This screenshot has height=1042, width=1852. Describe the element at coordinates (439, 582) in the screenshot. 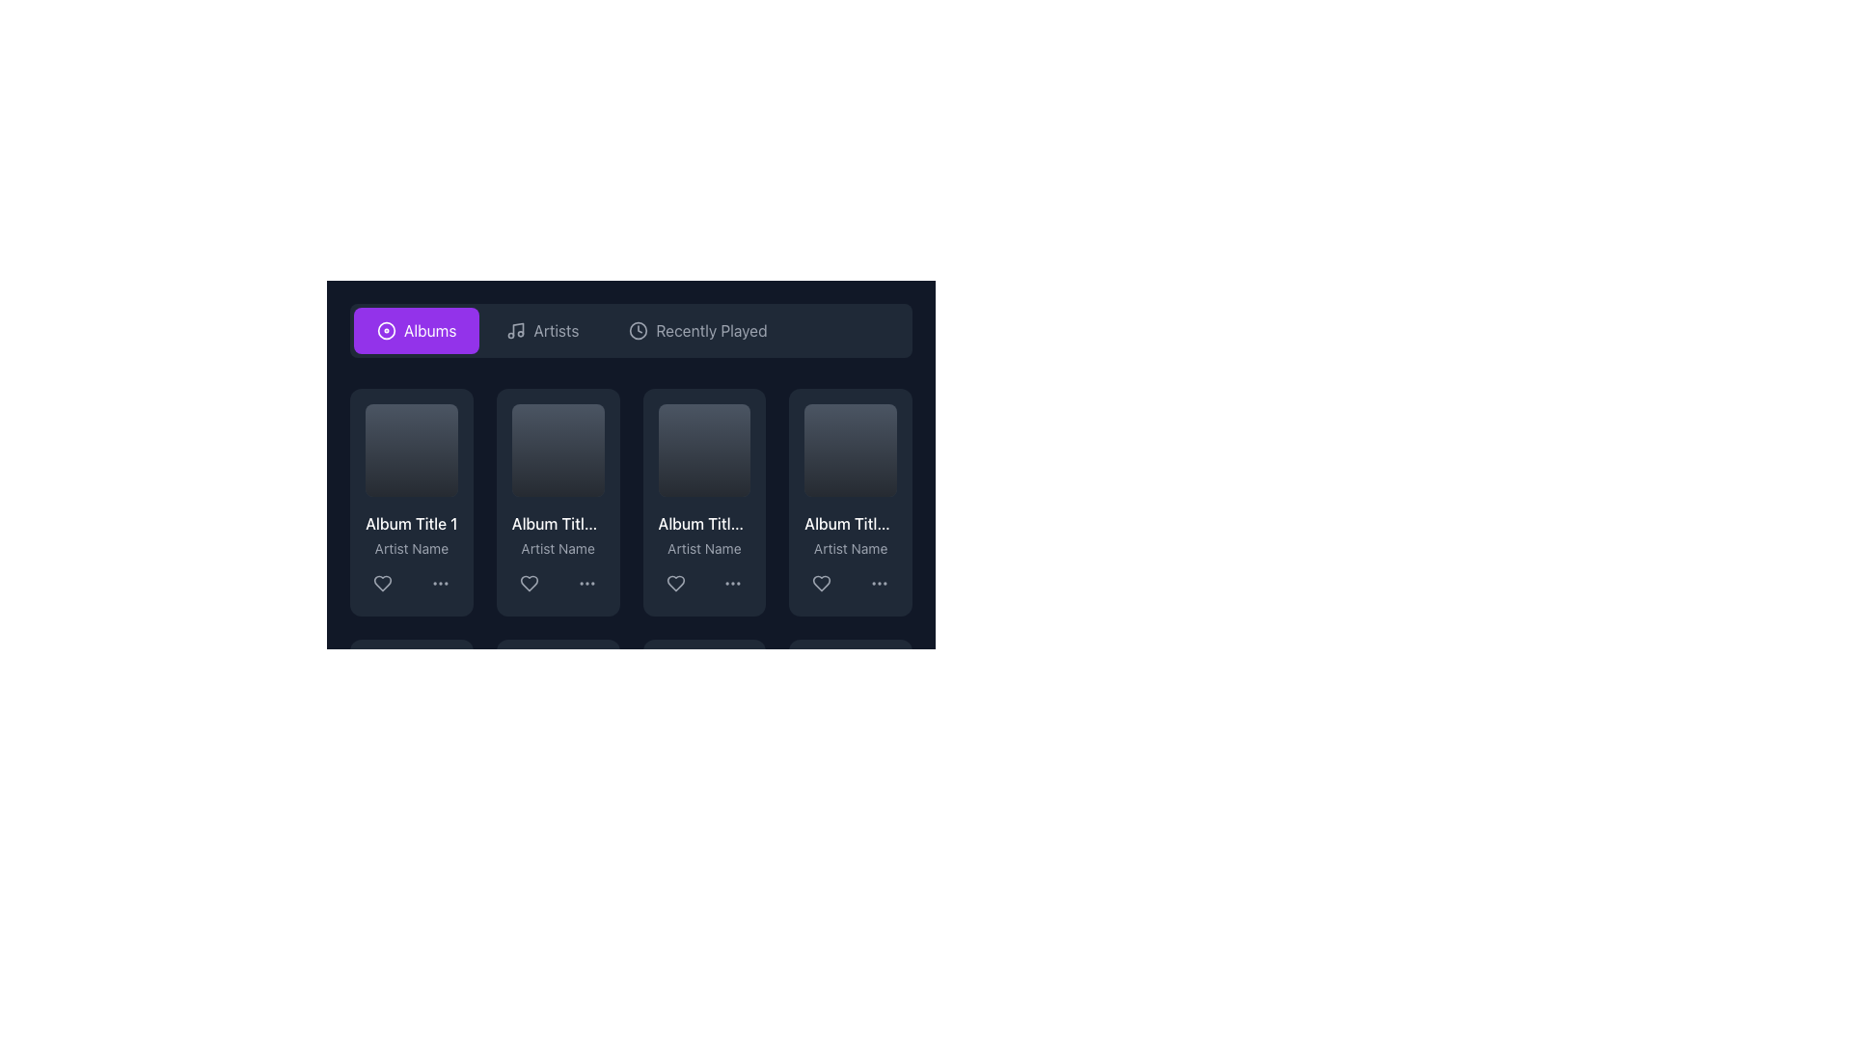

I see `the ellipsis icon within the interactive button below 'Album Title 1'` at that location.